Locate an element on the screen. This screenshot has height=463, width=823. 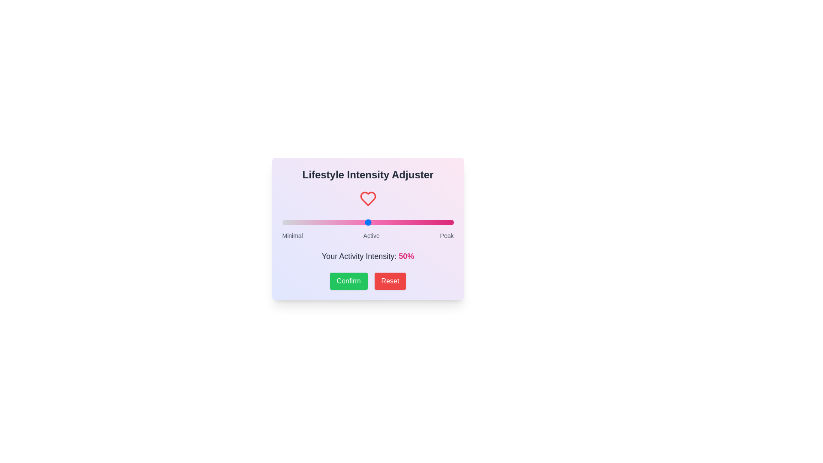
the 'Confirm' button to confirm the current intensity setting is located at coordinates (348, 281).